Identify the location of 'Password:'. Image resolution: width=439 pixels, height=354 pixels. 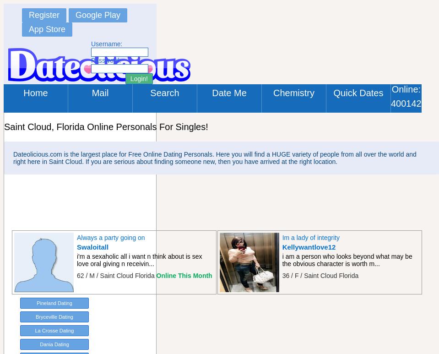
(106, 60).